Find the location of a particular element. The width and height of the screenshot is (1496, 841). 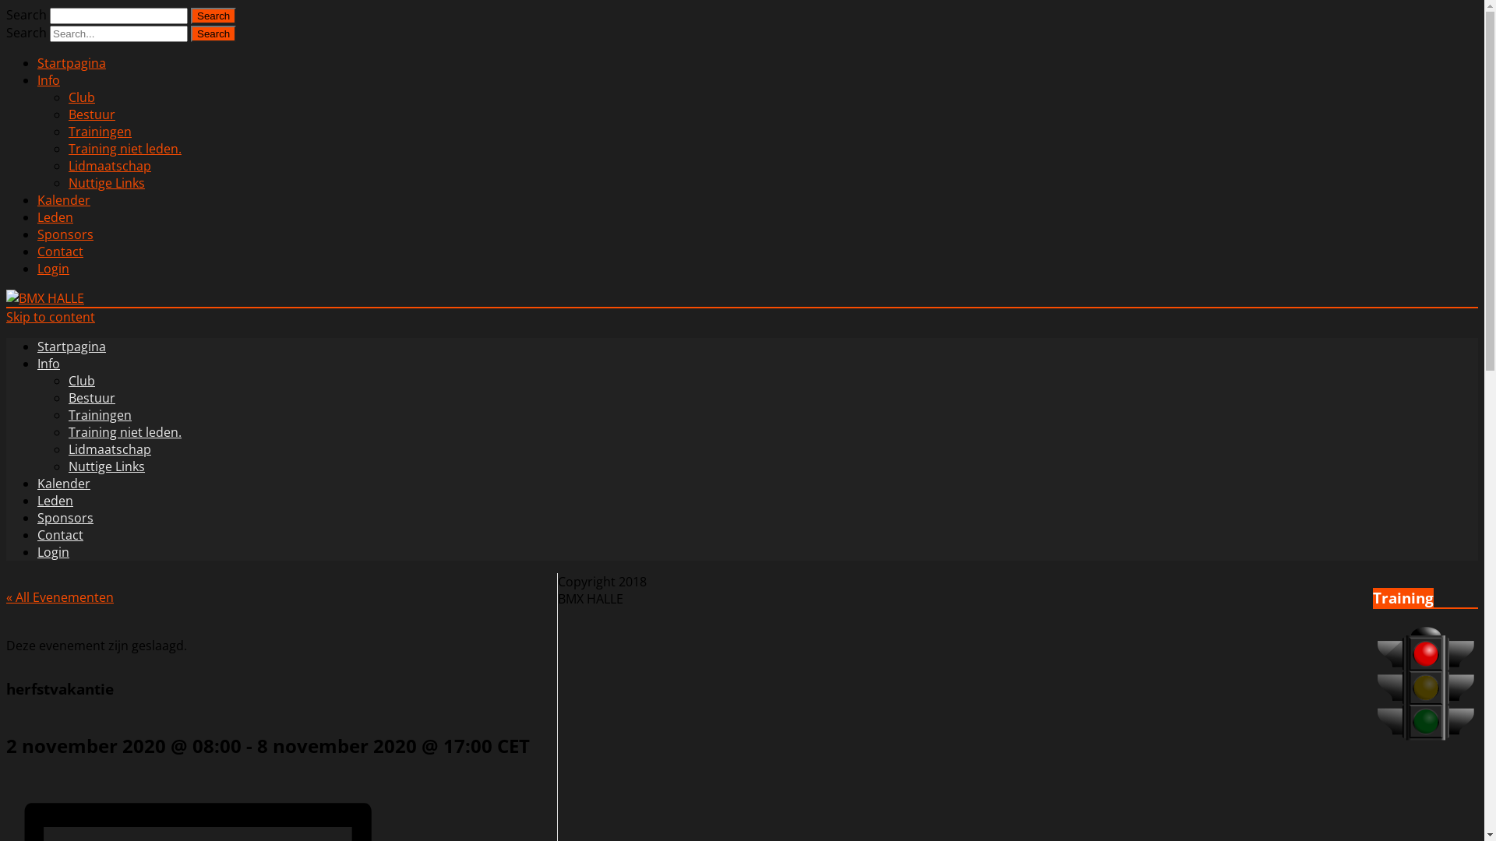

'Training niet leden.' is located at coordinates (67, 149).